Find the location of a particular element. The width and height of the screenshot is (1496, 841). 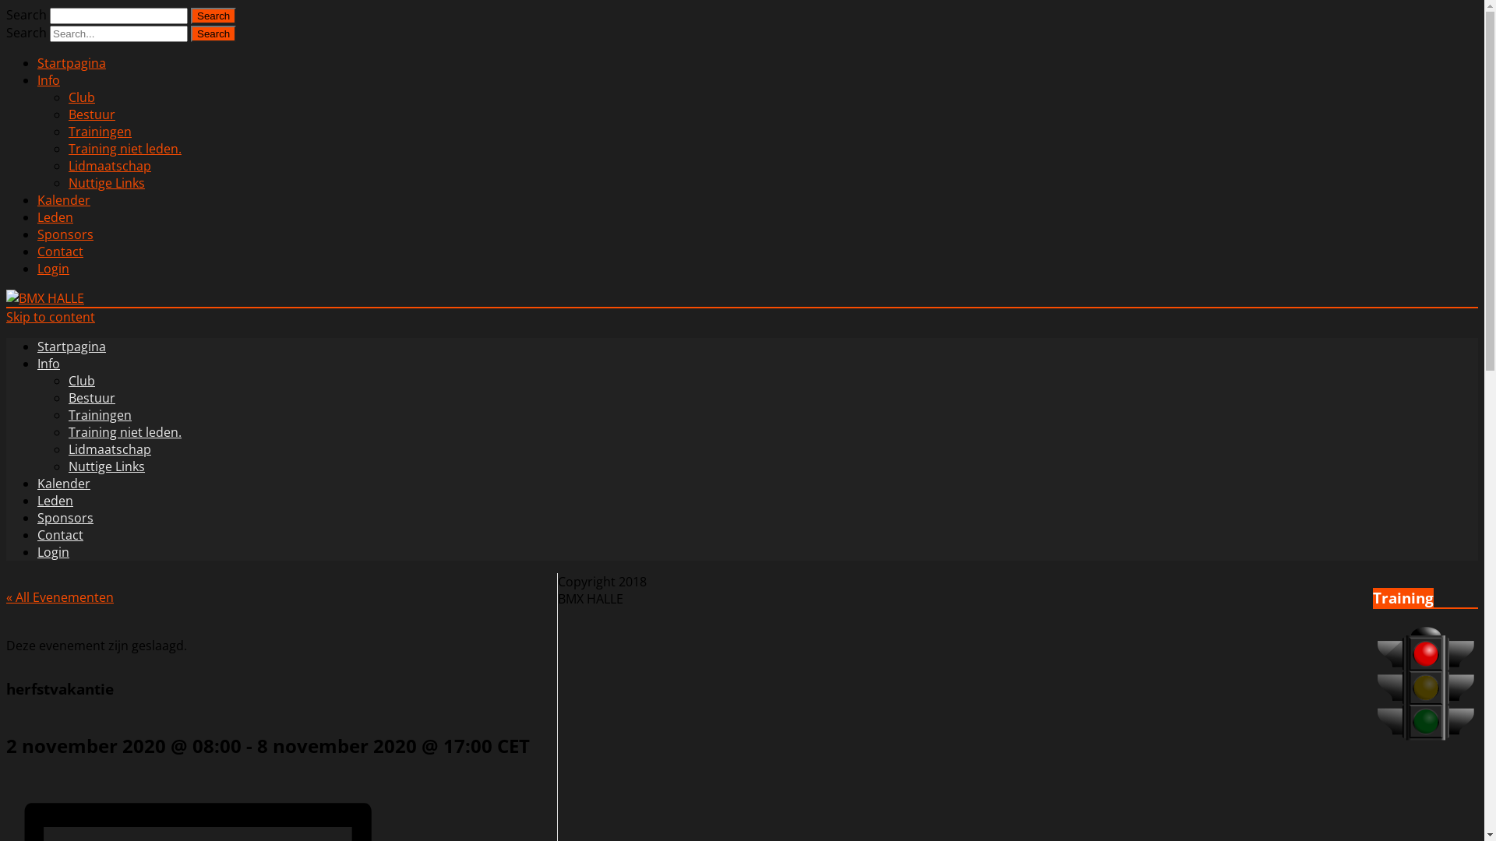

'Training niet leden.' is located at coordinates (67, 149).